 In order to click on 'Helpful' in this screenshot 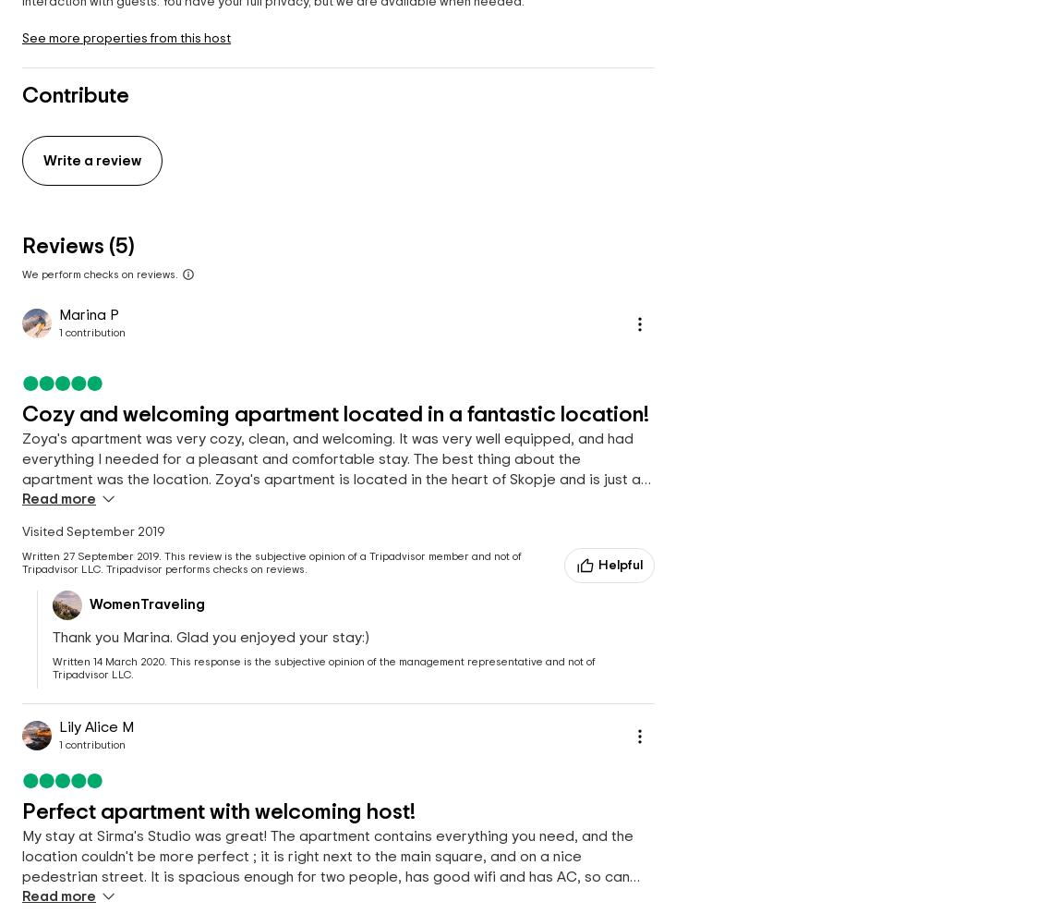, I will do `click(619, 565)`.